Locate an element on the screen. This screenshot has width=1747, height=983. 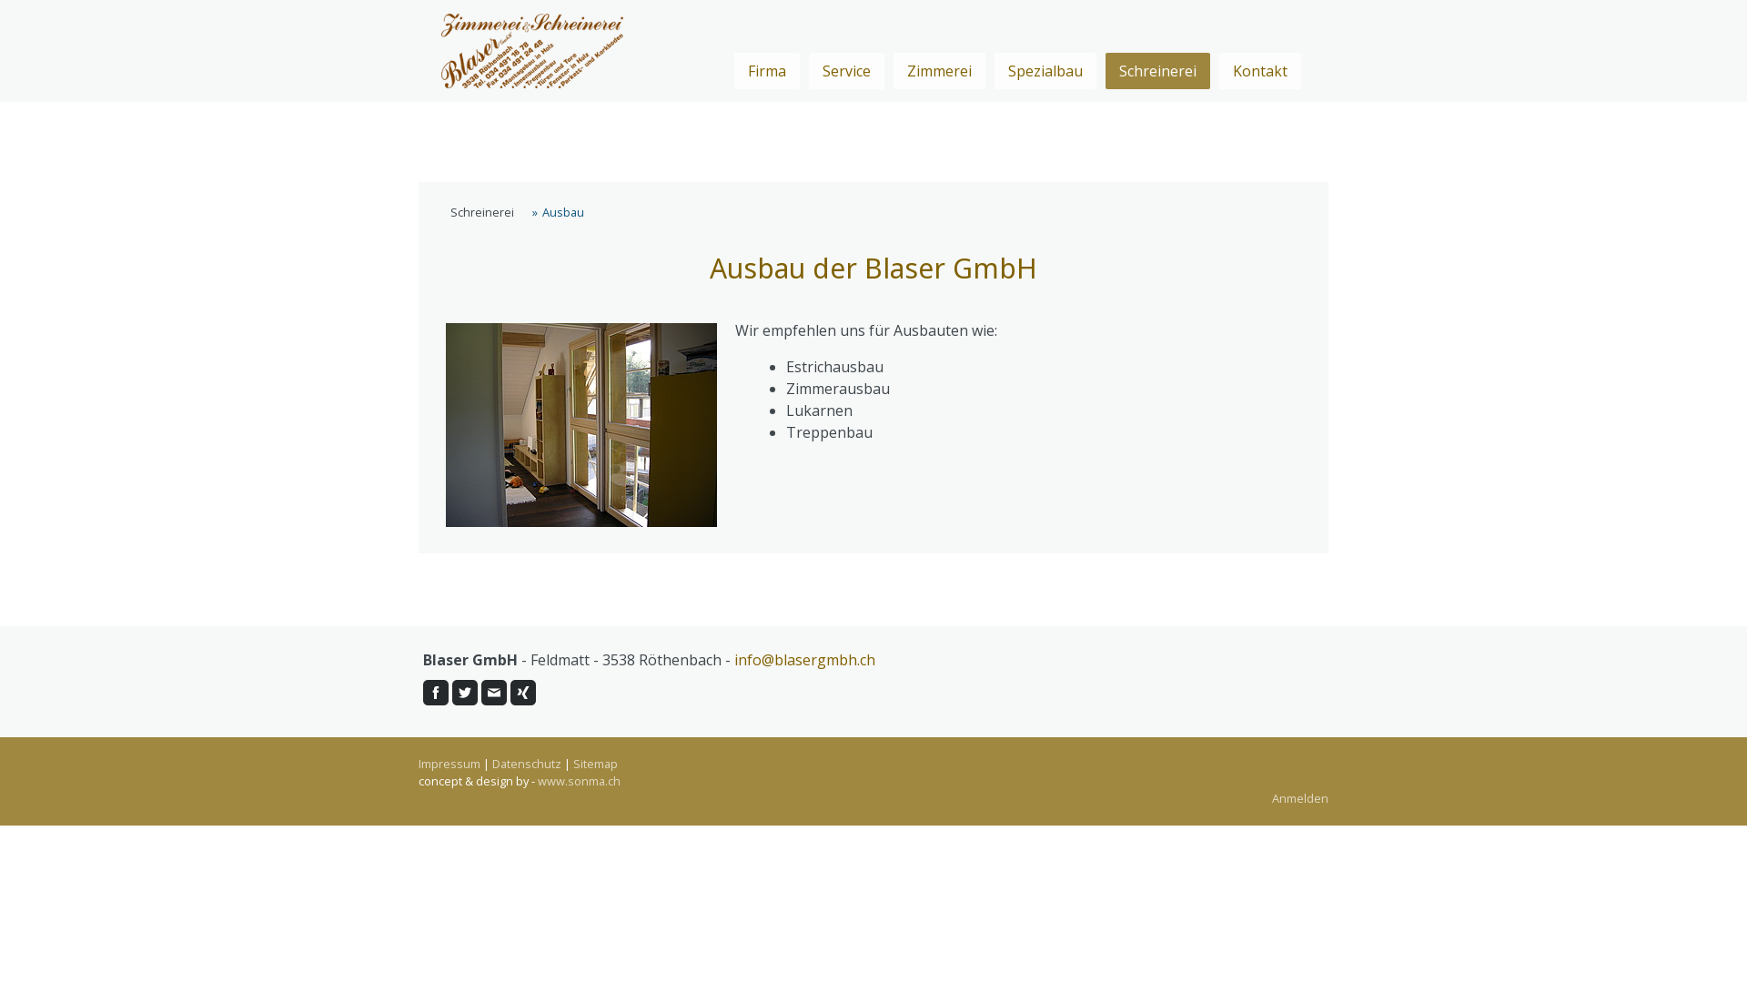
'Schreinerei' is located at coordinates (440, 210).